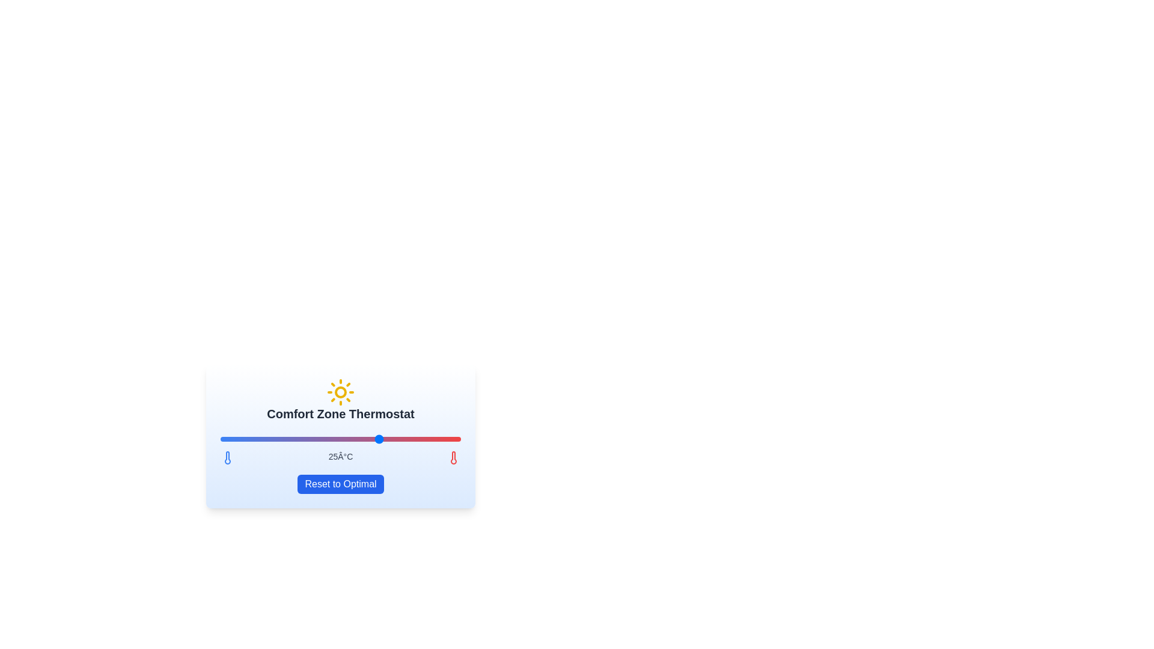 This screenshot has width=1154, height=649. I want to click on the temperature slider to set the temperature to 29°C, so click(444, 439).